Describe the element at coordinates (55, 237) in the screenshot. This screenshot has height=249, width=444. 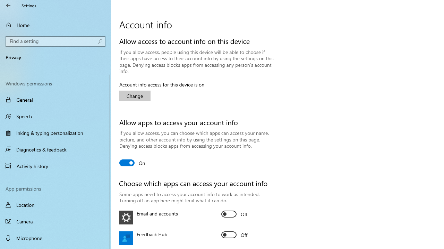
I see `'Microphone'` at that location.